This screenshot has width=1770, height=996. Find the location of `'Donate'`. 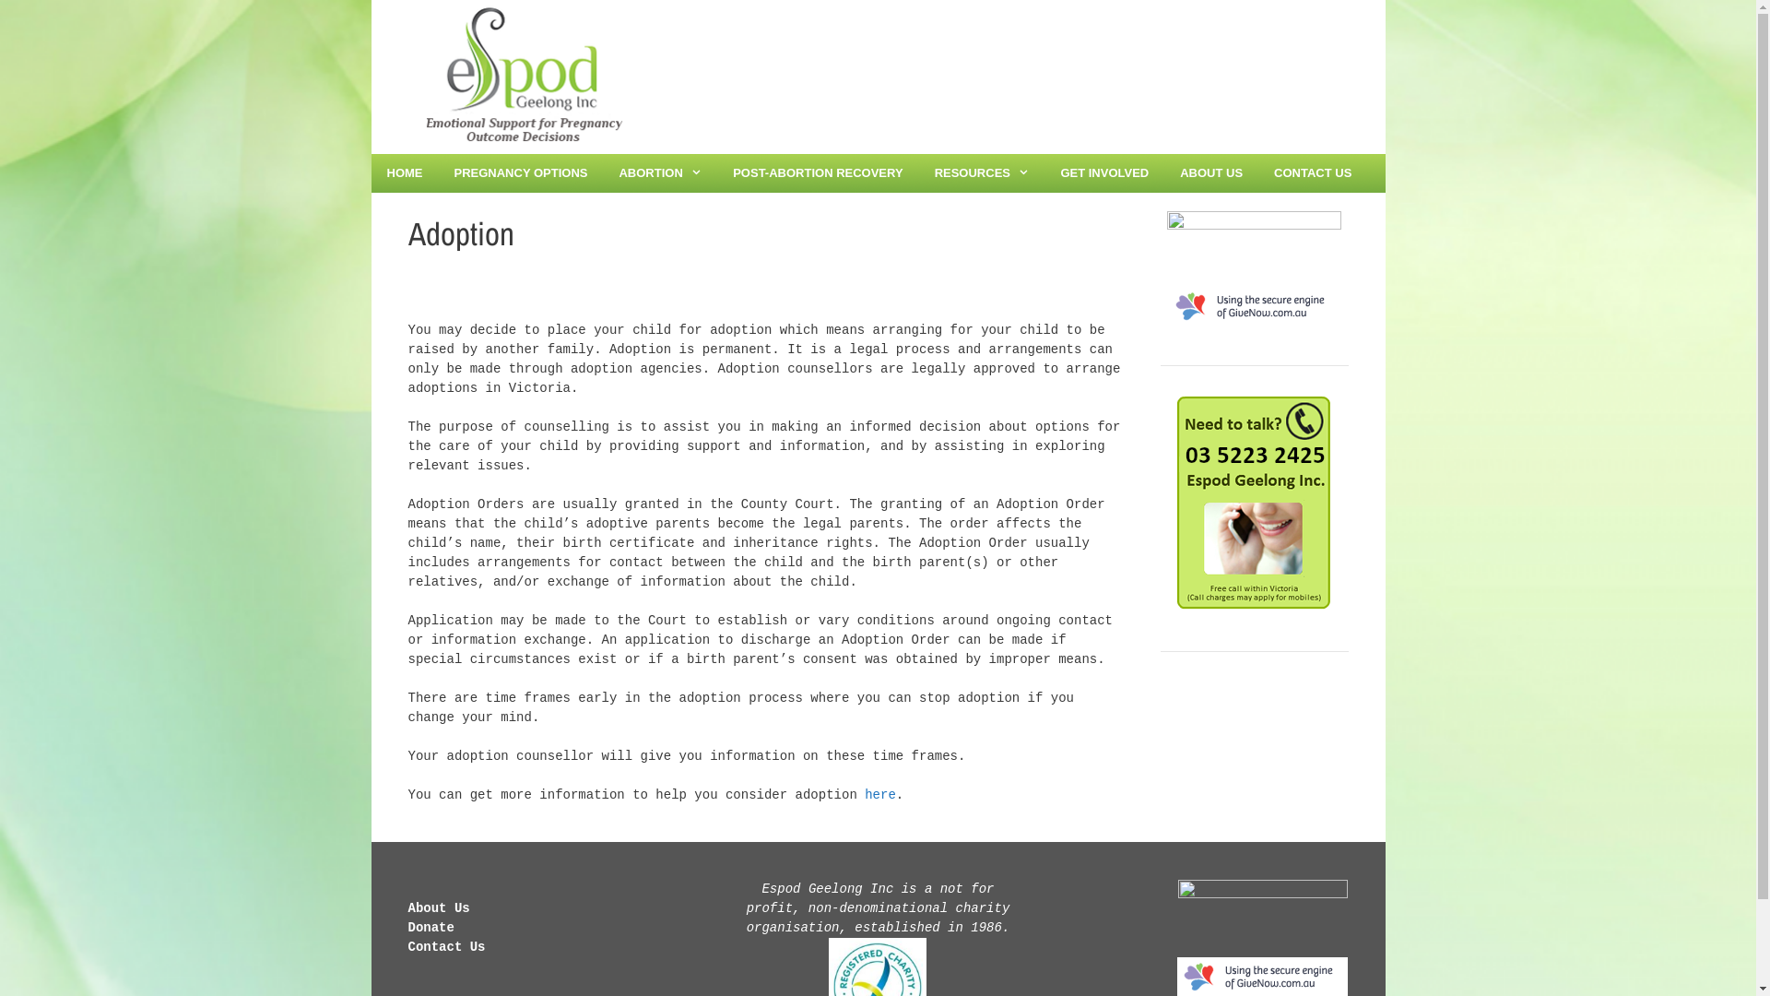

'Donate' is located at coordinates (406, 928).